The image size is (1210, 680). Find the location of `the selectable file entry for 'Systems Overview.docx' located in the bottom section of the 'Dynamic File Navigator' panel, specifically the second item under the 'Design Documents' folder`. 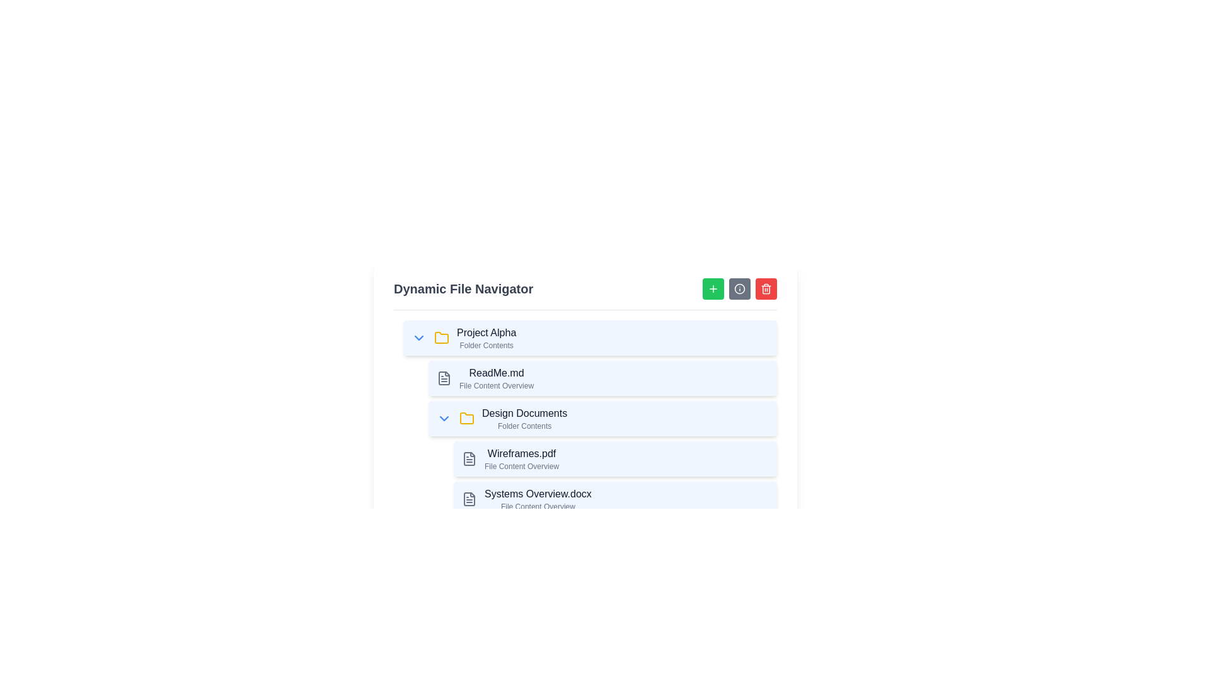

the selectable file entry for 'Systems Overview.docx' located in the bottom section of the 'Dynamic File Navigator' panel, specifically the second item under the 'Design Documents' folder is located at coordinates (616, 499).